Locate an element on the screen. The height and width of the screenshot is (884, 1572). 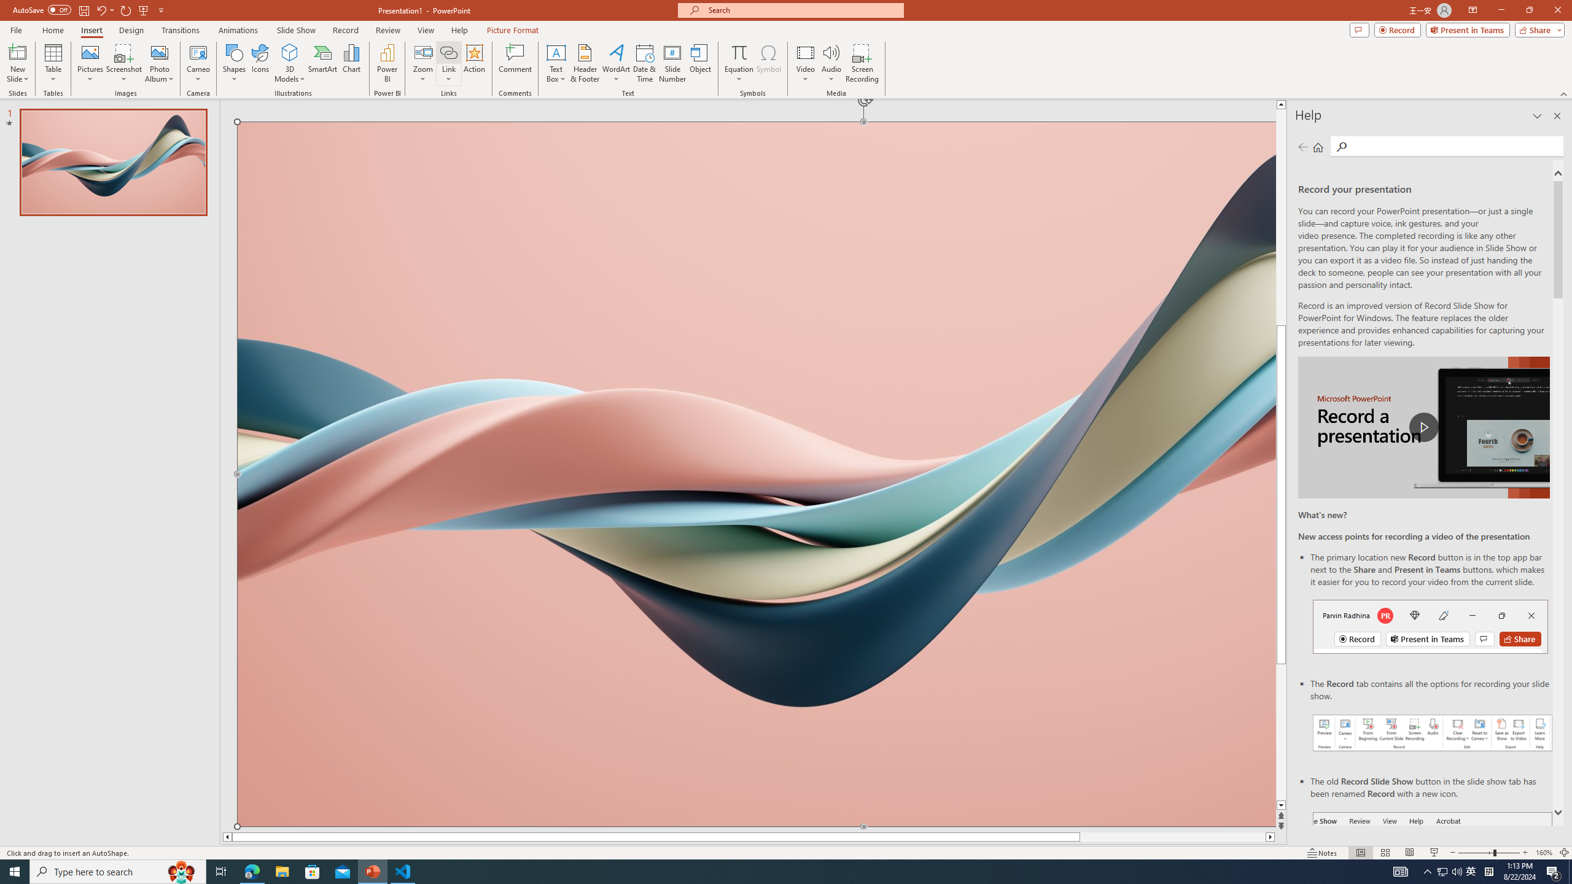
'3D Models' is located at coordinates (290, 63).